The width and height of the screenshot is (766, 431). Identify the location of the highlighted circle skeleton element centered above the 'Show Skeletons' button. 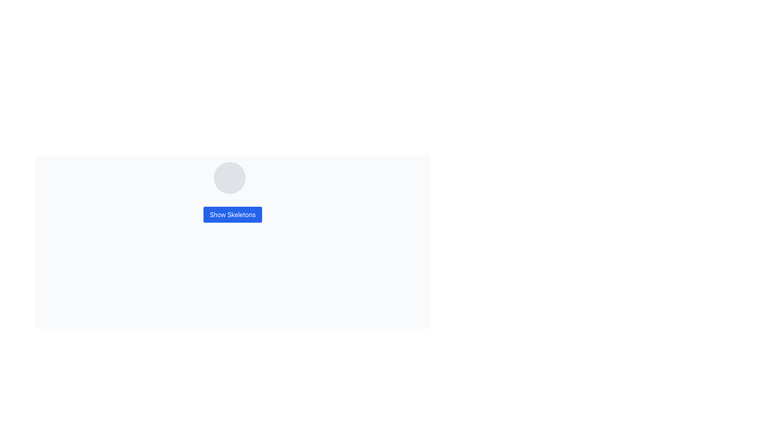
(232, 178).